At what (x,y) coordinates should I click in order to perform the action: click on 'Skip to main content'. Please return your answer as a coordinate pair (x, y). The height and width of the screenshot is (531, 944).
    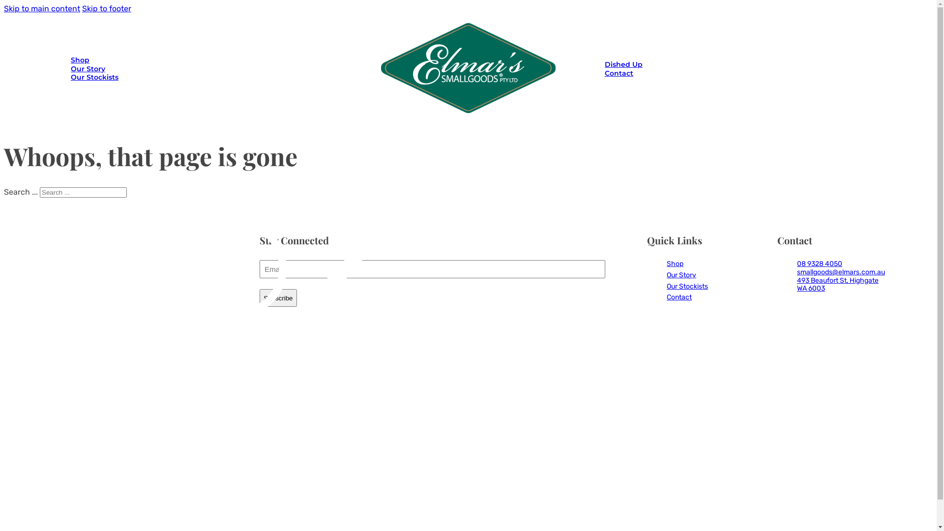
    Looking at the image, I should click on (41, 8).